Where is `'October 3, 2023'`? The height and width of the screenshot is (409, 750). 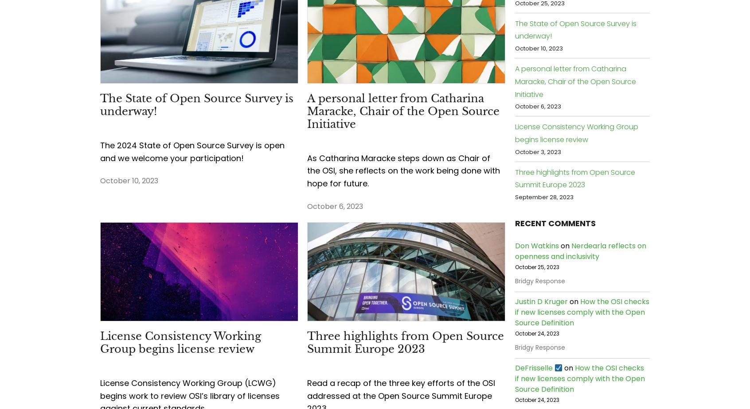
'October 3, 2023' is located at coordinates (538, 151).